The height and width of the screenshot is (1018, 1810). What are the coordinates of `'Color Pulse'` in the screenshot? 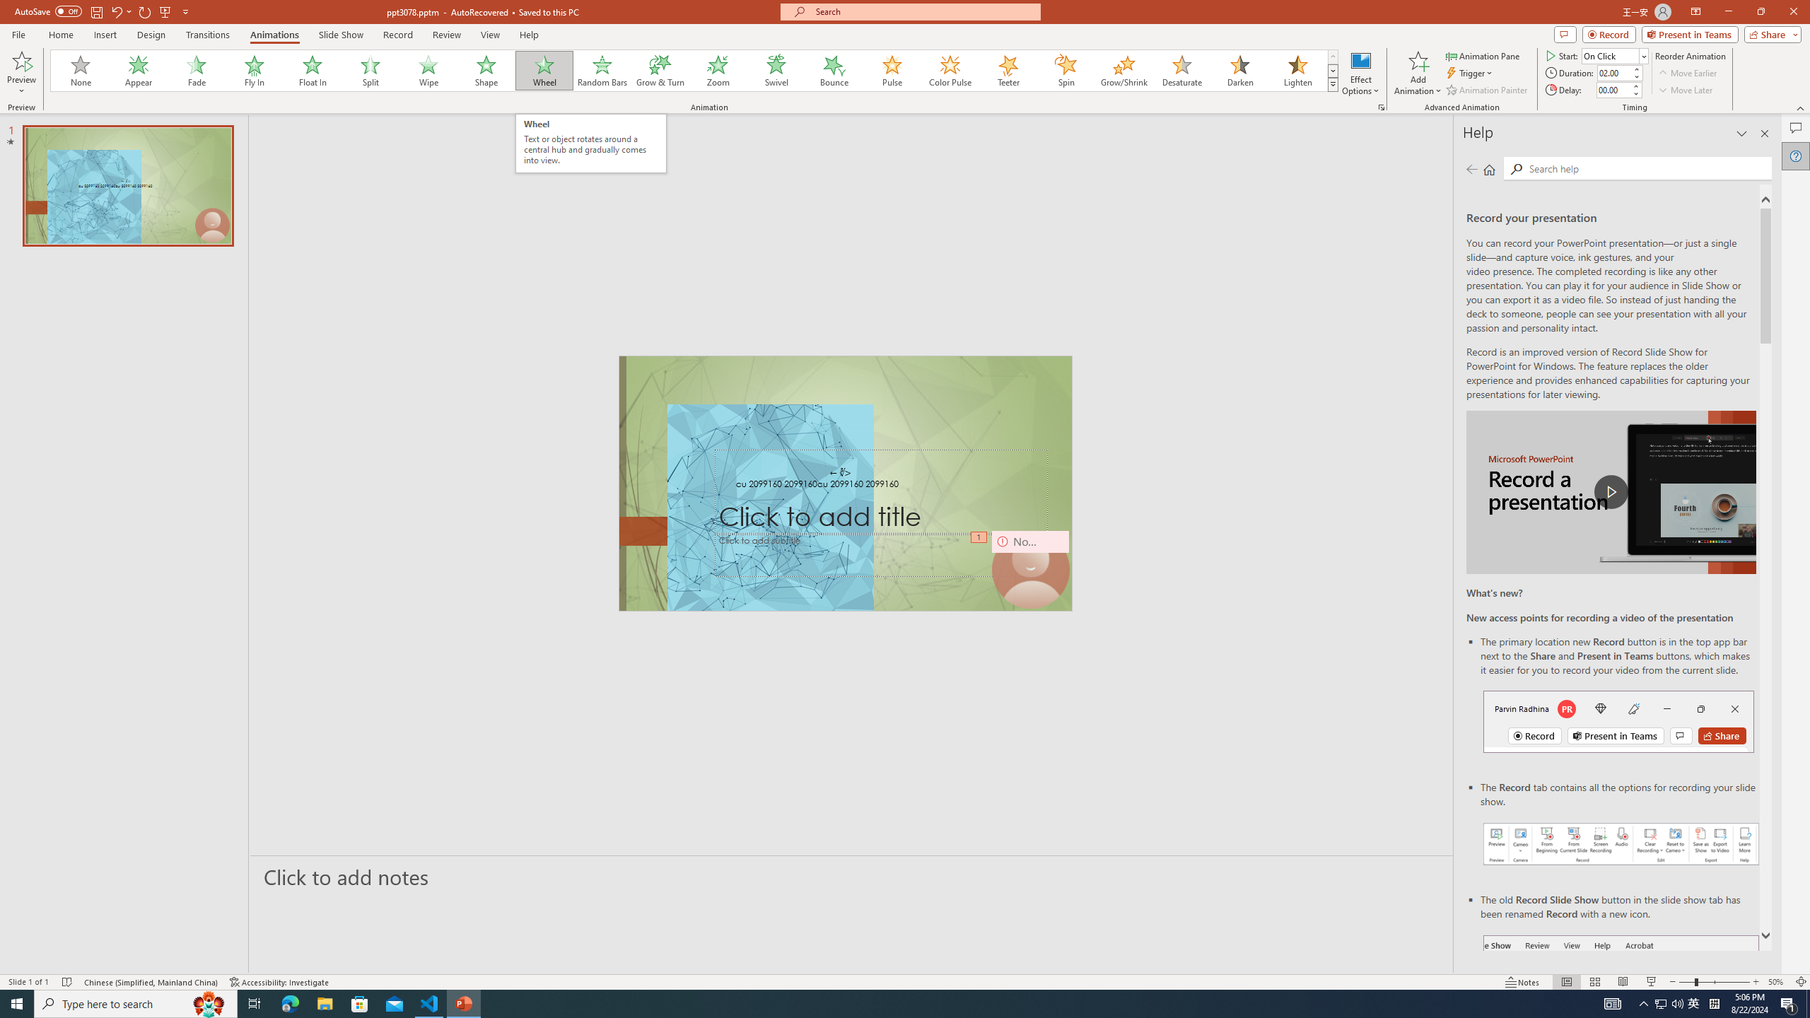 It's located at (950, 70).